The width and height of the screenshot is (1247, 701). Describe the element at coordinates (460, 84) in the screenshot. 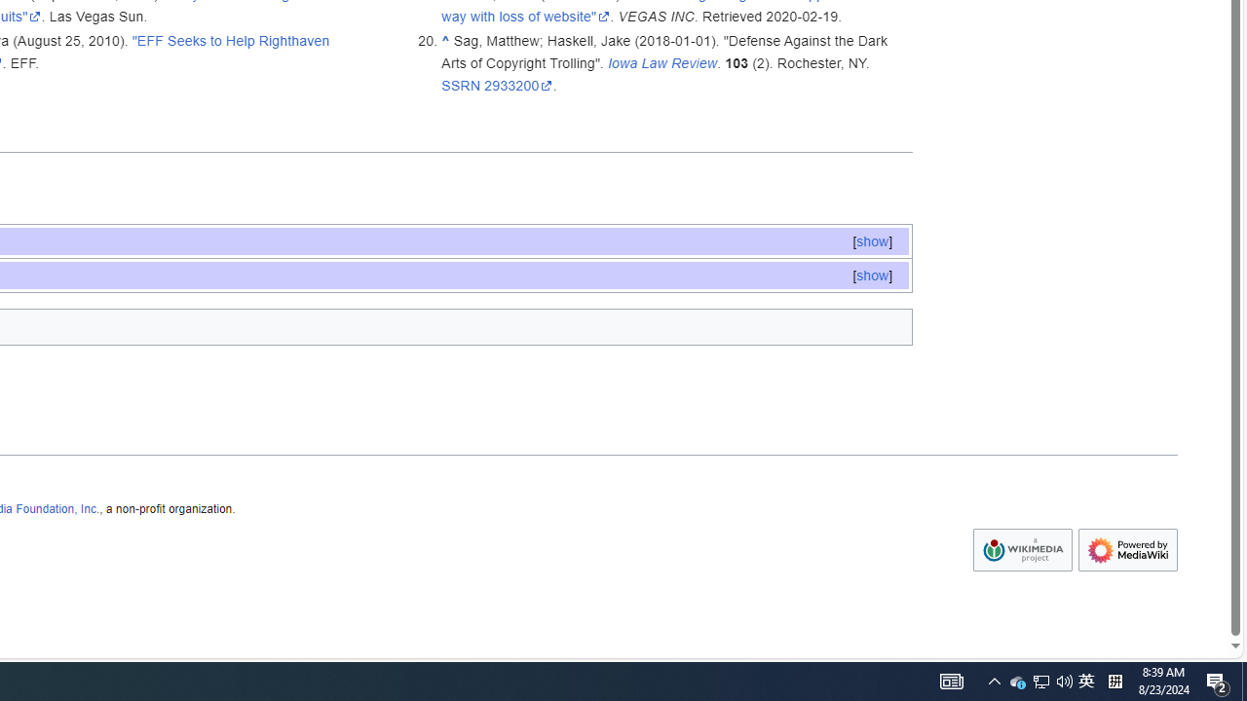

I see `'SSRN'` at that location.